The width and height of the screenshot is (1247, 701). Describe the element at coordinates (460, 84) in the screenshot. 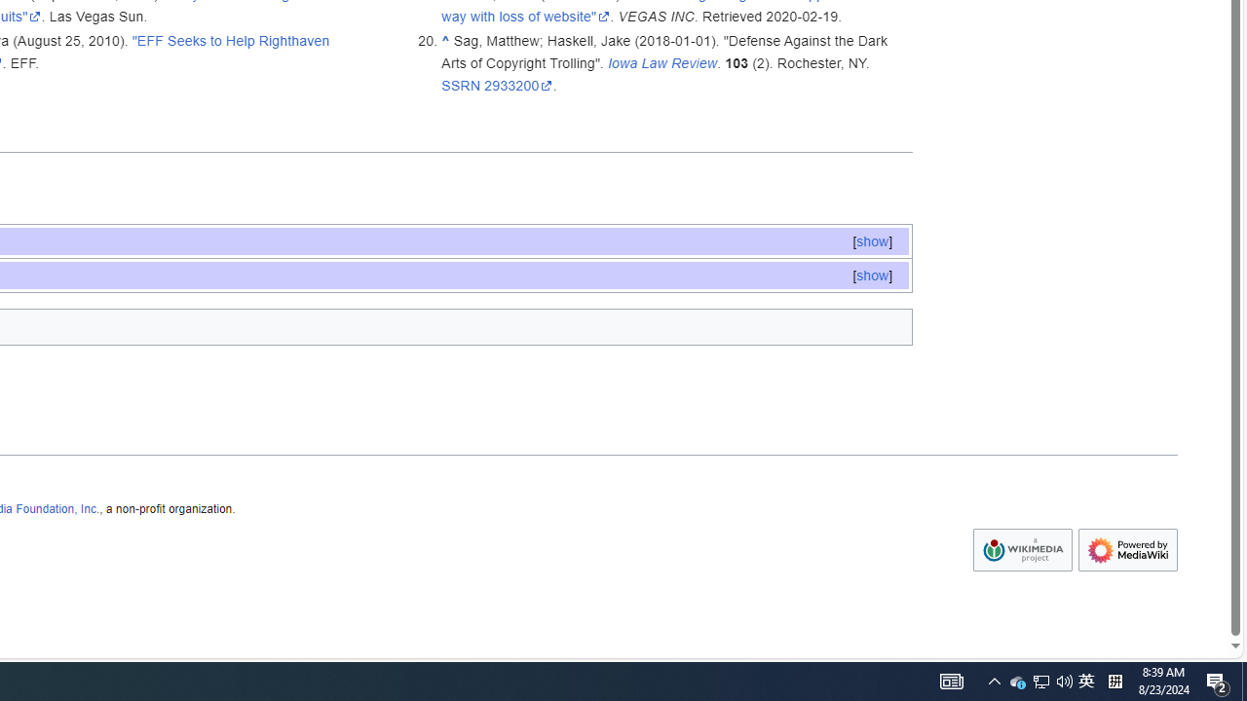

I see `'SSRN'` at that location.